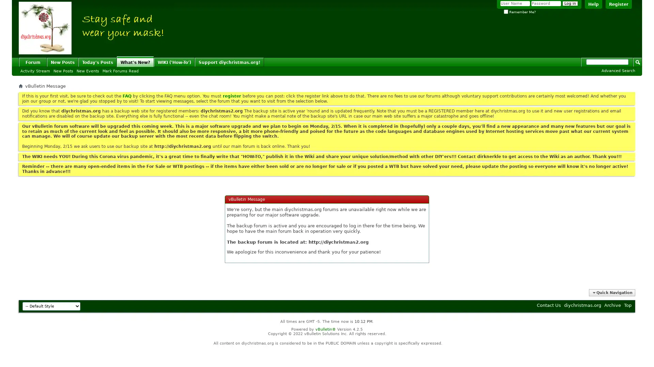 This screenshot has width=654, height=367. What do you see at coordinates (570, 3) in the screenshot?
I see `Log in` at bounding box center [570, 3].